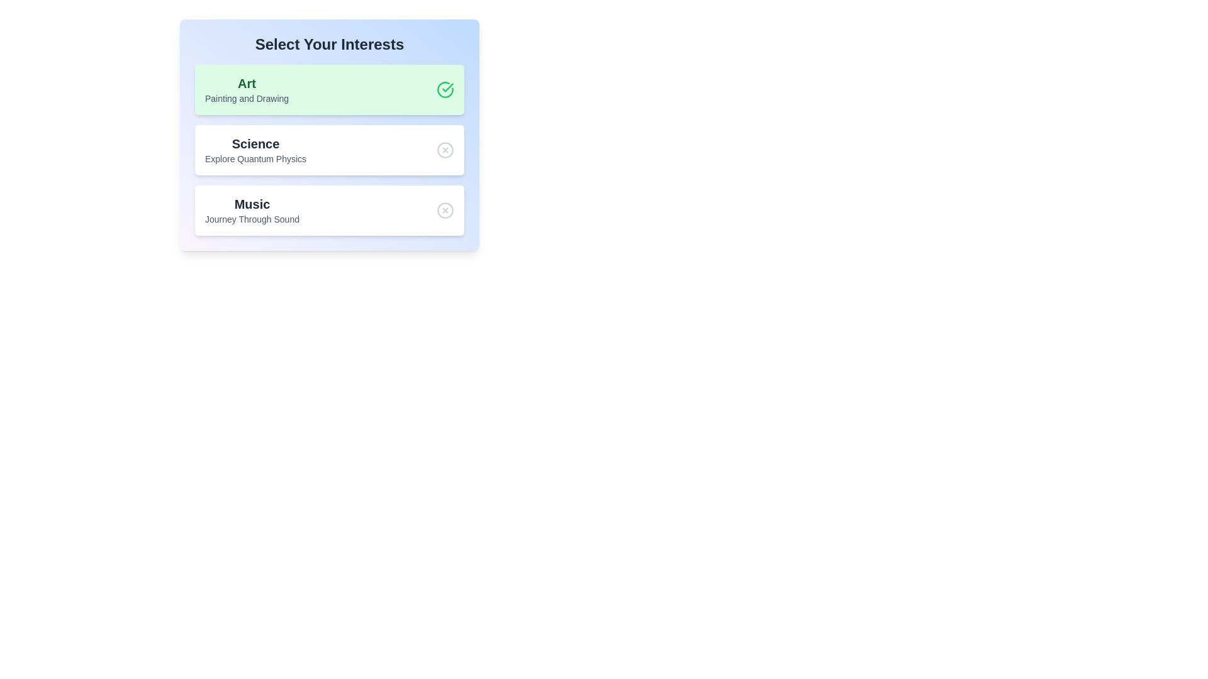 This screenshot has width=1208, height=679. I want to click on the chip labeled Science to observe the hover effect, so click(329, 150).